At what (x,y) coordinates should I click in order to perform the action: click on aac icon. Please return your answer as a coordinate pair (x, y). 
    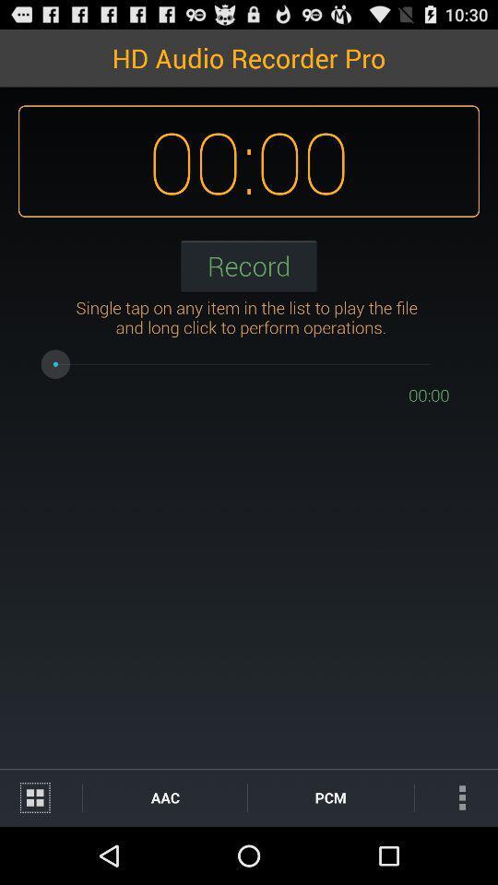
    Looking at the image, I should click on (165, 796).